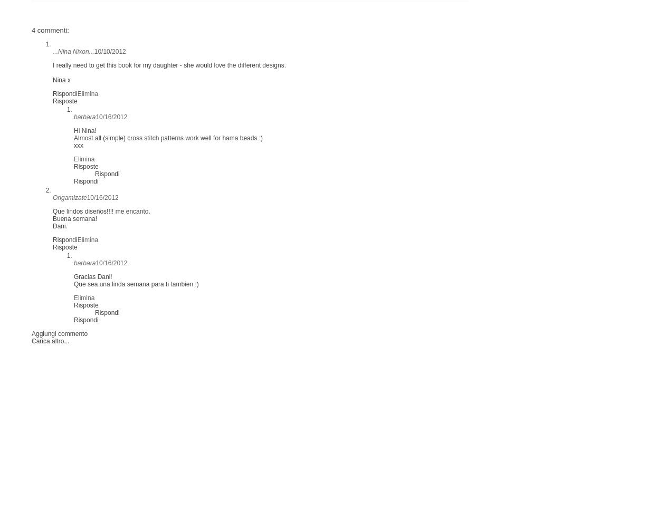  What do you see at coordinates (109, 51) in the screenshot?
I see `'10/10/2012'` at bounding box center [109, 51].